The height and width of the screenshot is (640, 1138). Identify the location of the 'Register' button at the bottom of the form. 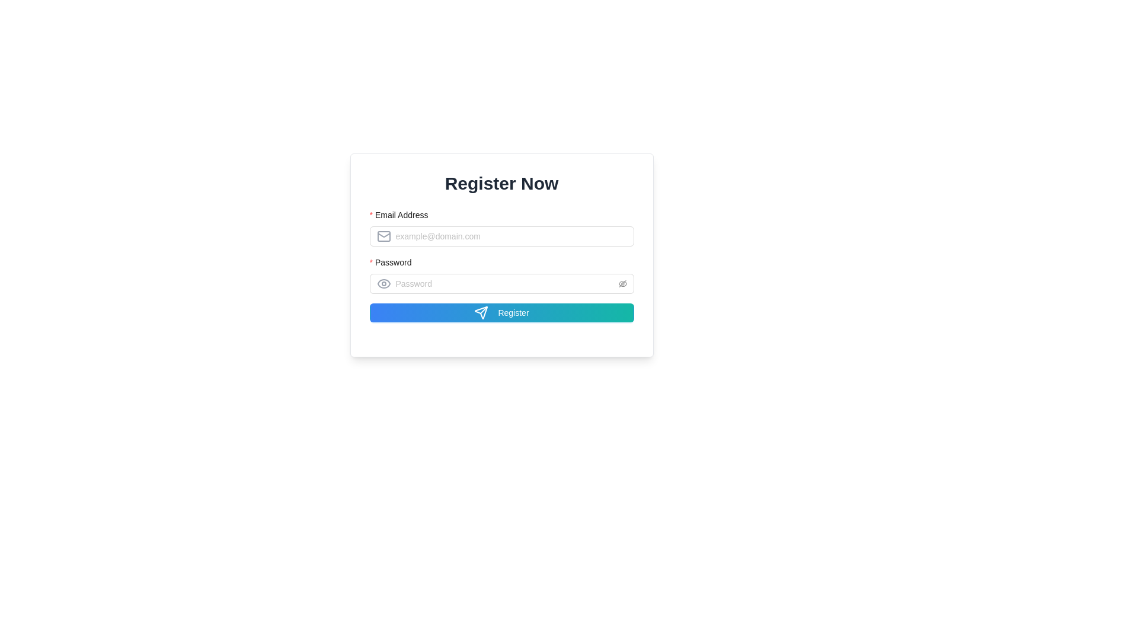
(501, 312).